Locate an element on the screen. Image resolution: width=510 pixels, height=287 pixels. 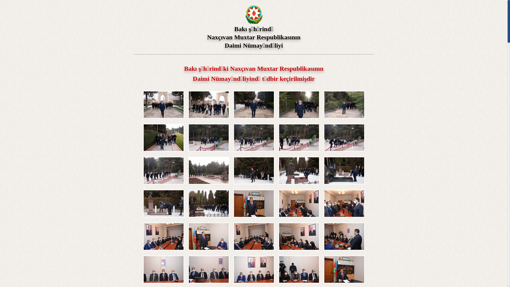
'Click to enlarge' is located at coordinates (143, 269).